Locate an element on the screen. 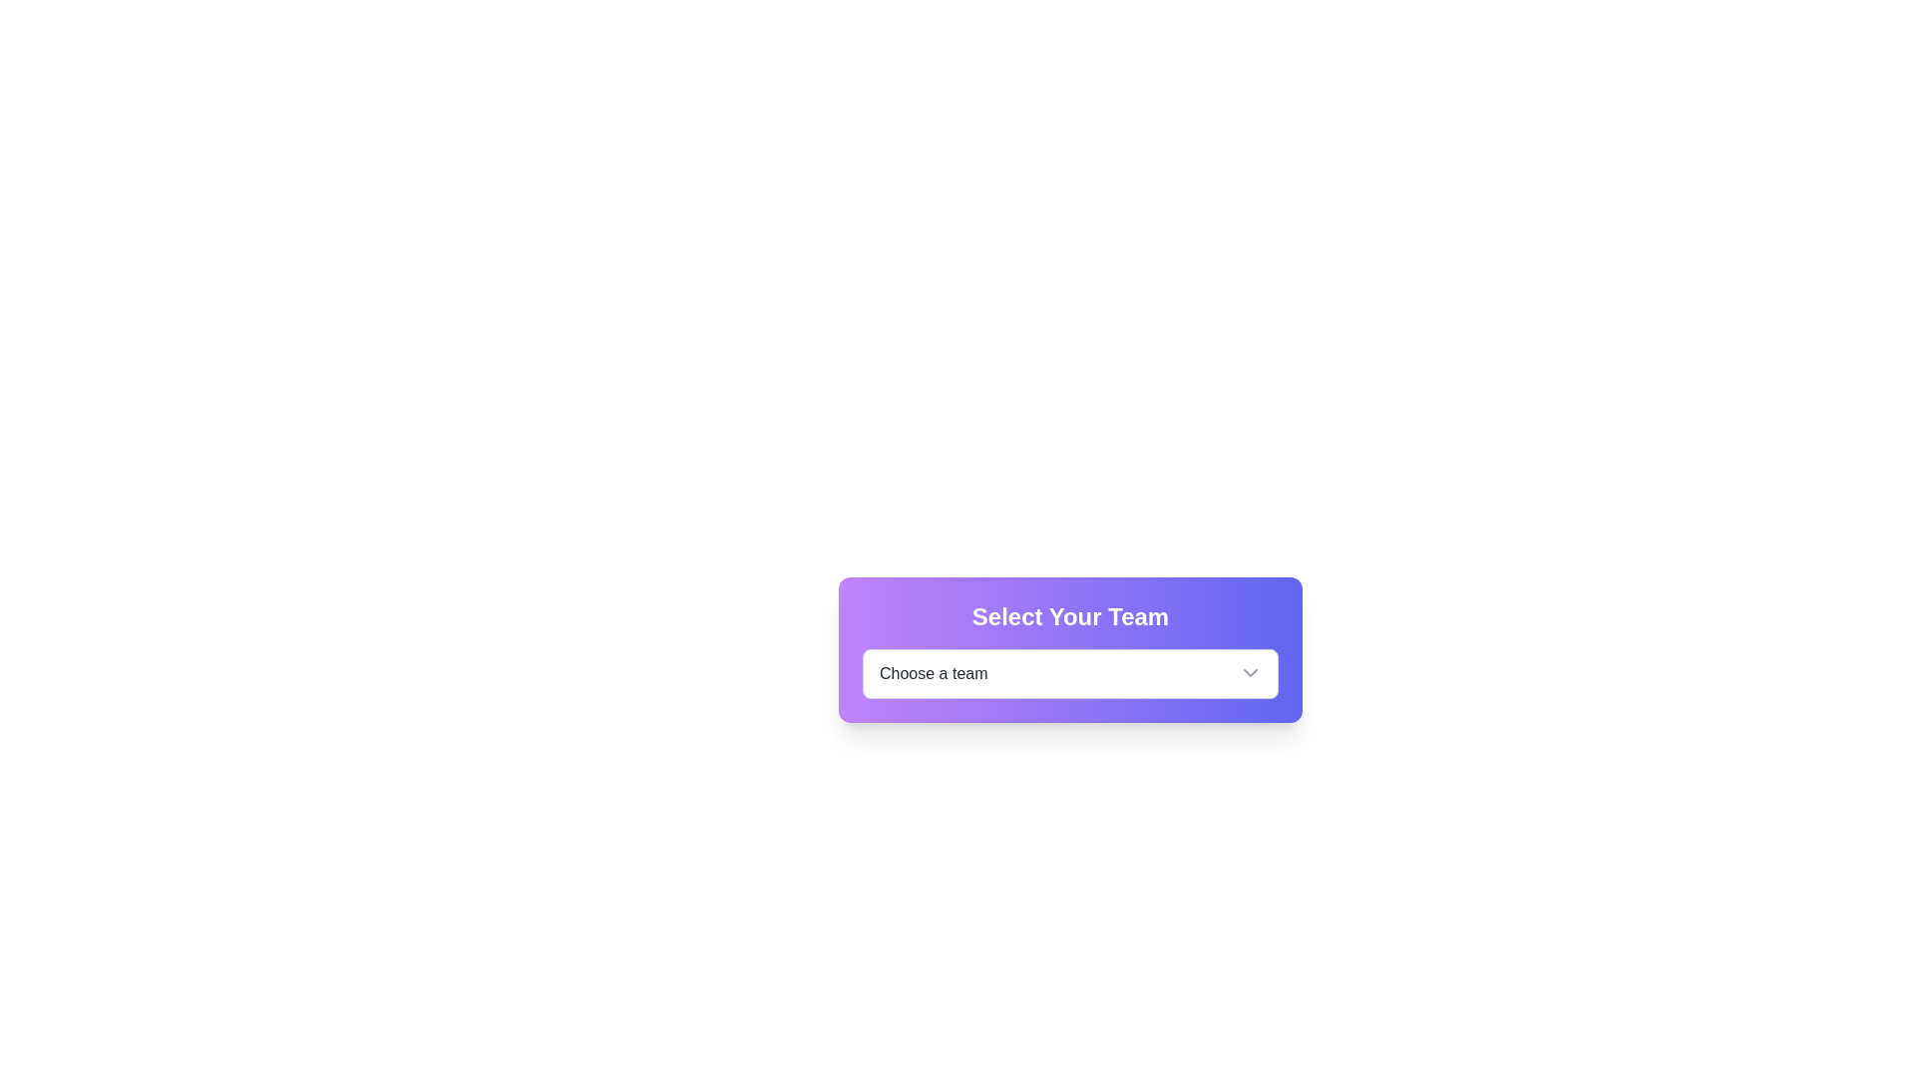 This screenshot has width=1915, height=1077. the Text label or heading that introduces the purpose of the content below it, positioned above the 'Choose a team' dropdown menu is located at coordinates (1069, 615).